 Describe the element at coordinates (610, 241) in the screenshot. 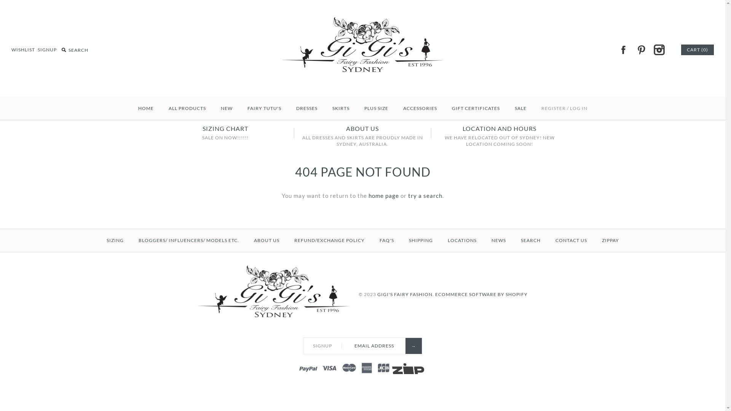

I see `'ZIPPAY'` at that location.